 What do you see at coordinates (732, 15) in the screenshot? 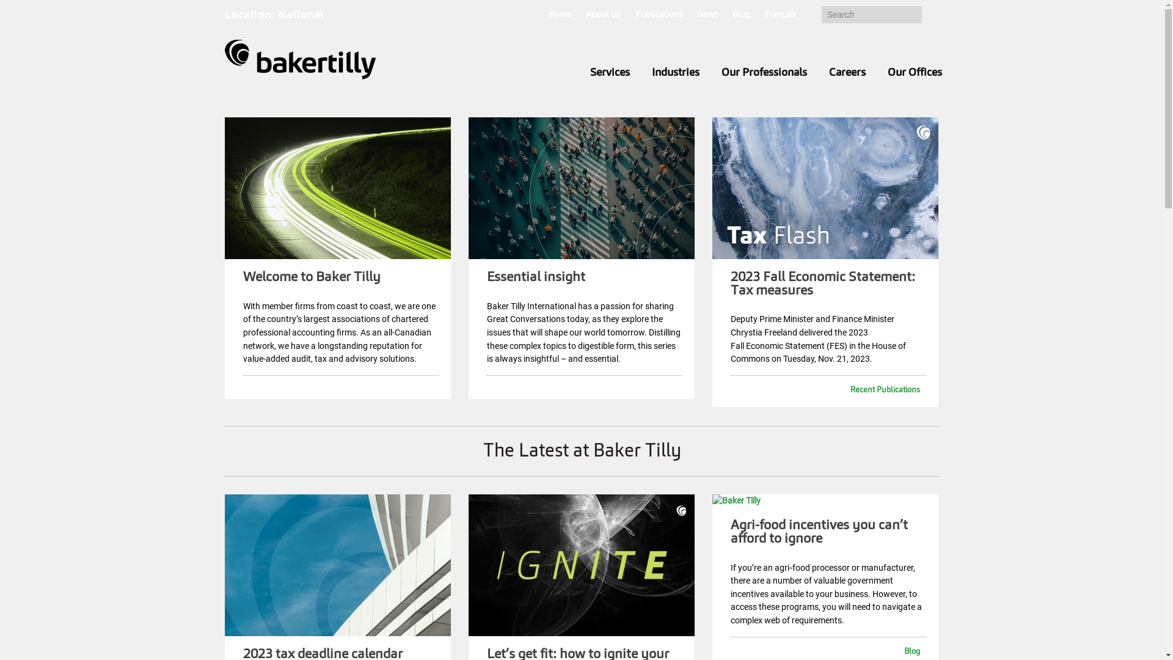
I see `'Blog'` at bounding box center [732, 15].